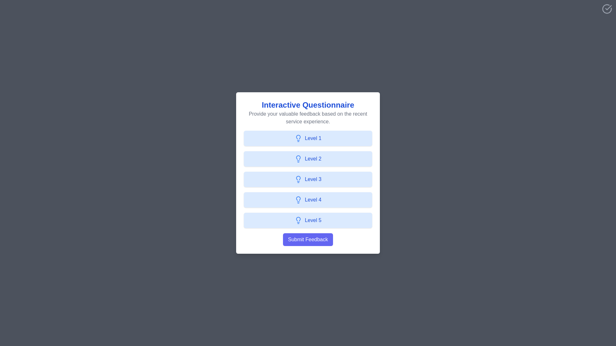  Describe the element at coordinates (308, 179) in the screenshot. I see `the feedback level button labeled Level 3` at that location.